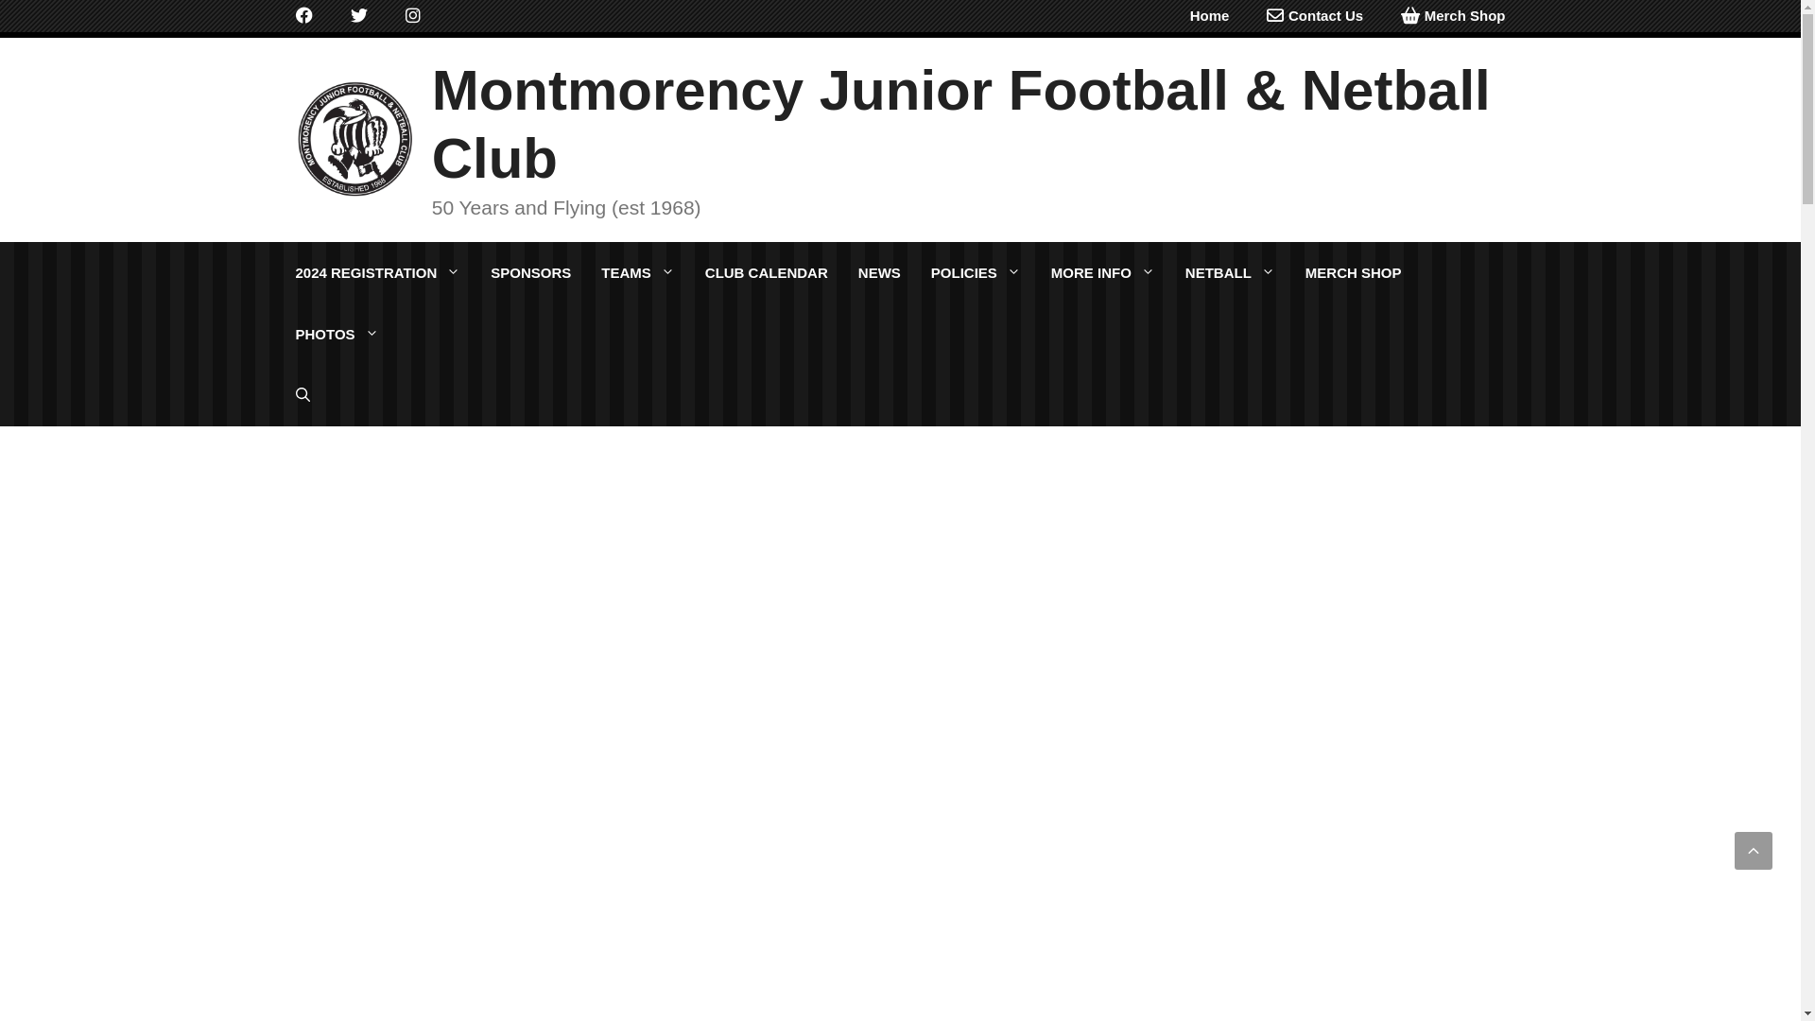  I want to click on 'Contact Us', so click(1327, 15).